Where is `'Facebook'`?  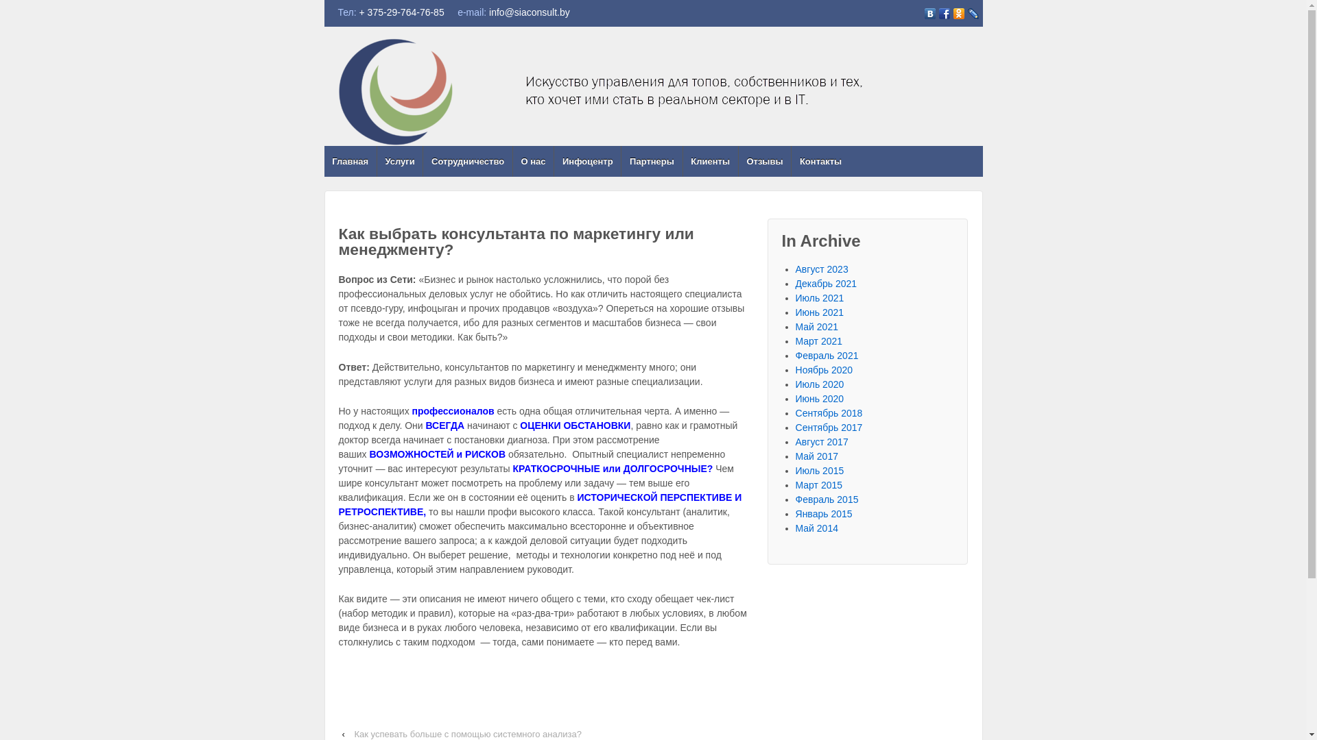 'Facebook' is located at coordinates (936, 13).